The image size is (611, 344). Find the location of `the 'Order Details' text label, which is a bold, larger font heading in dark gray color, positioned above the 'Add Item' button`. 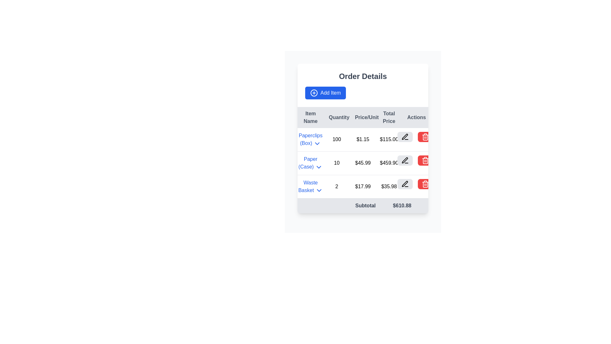

the 'Order Details' text label, which is a bold, larger font heading in dark gray color, positioned above the 'Add Item' button is located at coordinates (363, 76).